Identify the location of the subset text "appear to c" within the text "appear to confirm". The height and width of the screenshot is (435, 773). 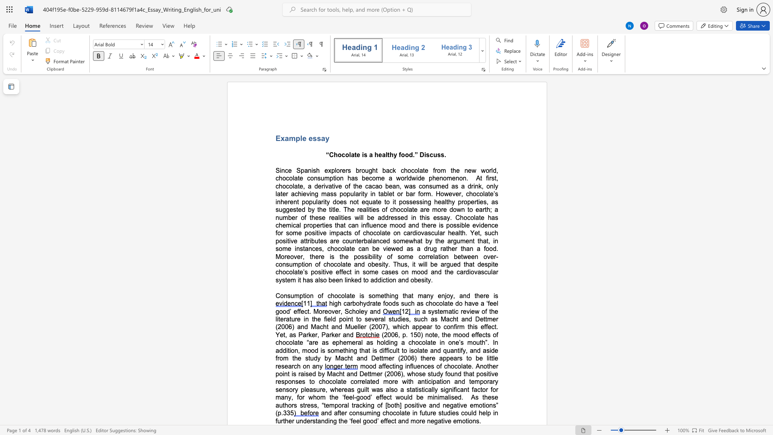
(412, 327).